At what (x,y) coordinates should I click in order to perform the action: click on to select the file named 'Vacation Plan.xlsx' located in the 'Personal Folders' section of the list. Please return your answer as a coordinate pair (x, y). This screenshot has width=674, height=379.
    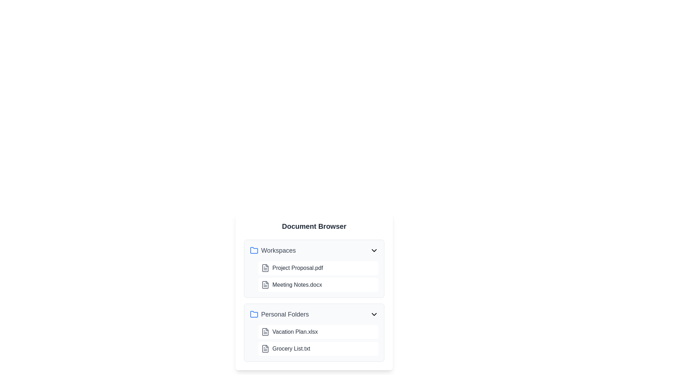
    Looking at the image, I should click on (318, 332).